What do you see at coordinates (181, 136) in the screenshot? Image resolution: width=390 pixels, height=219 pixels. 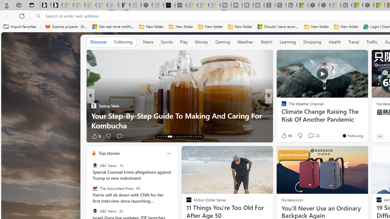 I see `'AutomationID: tab-21'` at bounding box center [181, 136].